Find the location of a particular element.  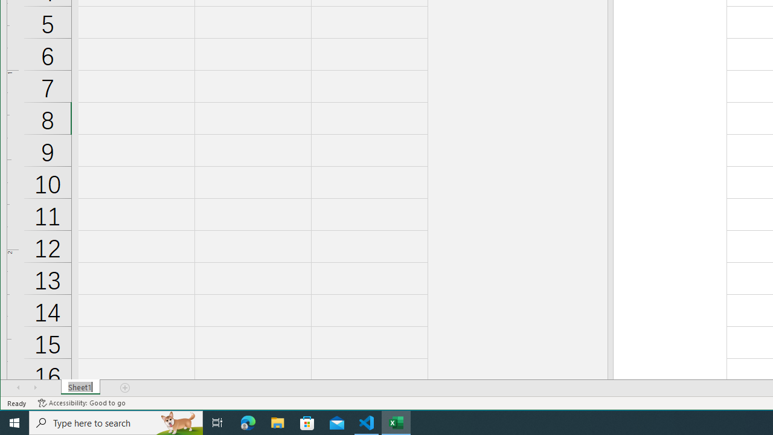

'Sheet1' is located at coordinates (80, 387).